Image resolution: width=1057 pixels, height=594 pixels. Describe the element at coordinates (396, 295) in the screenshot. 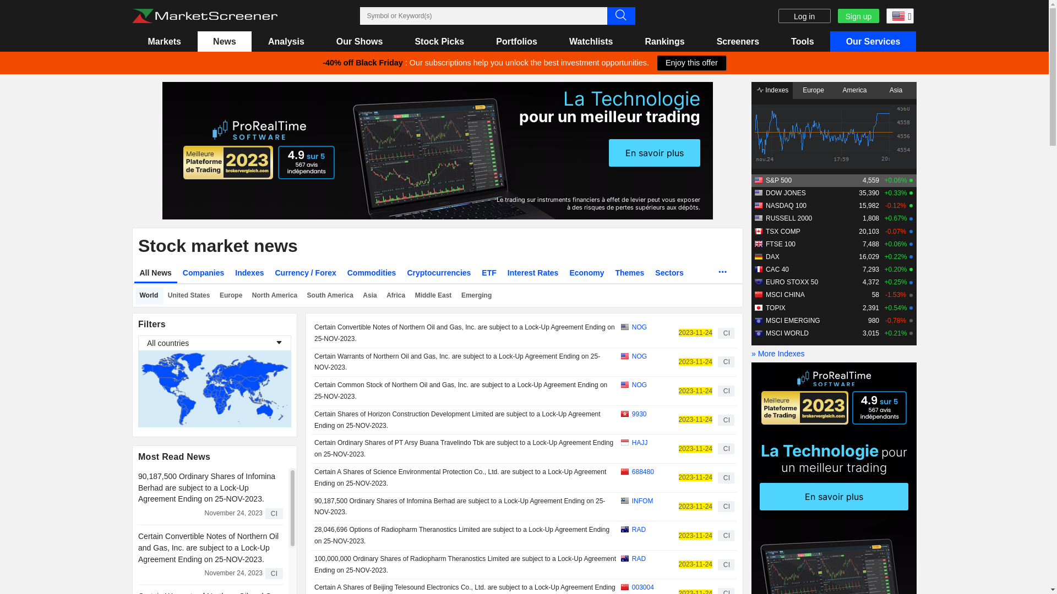

I see `'Africa'` at that location.